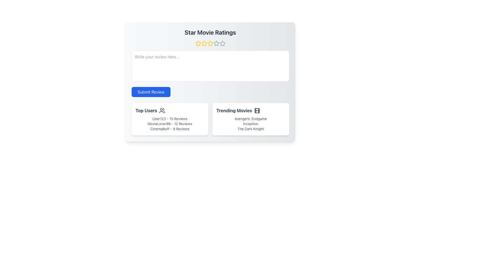  I want to click on the text block containing the movie titles 'Avengers: Endgame', 'Inception', and 'The Dark Knight' located in the 'Trending Movies' panel in the bottom-right corner of the interface, so click(251, 124).